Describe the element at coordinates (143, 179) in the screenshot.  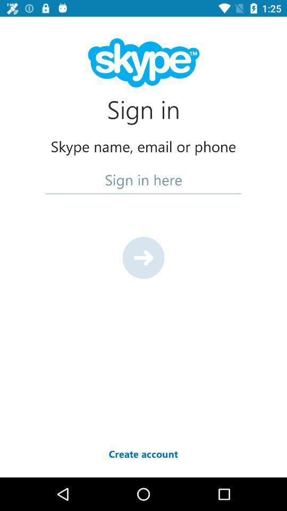
I see `icon below the skype name email item` at that location.